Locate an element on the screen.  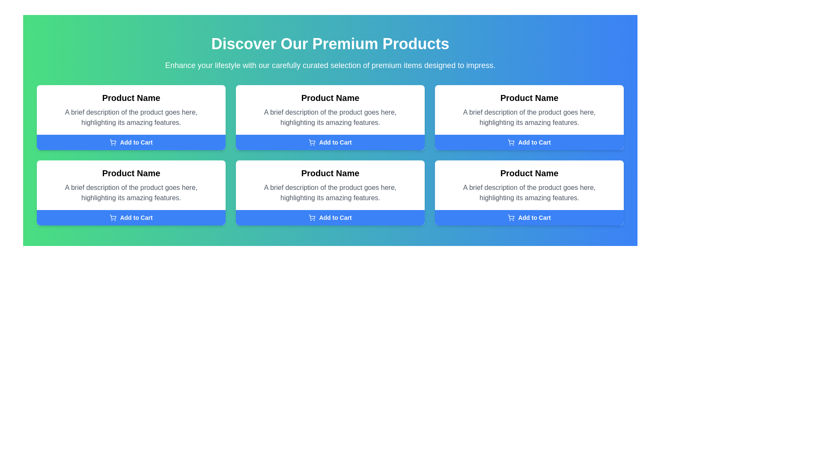
the Text Block that contains the title 'Product Name' and a brief description, positioned above the 'Add to Cart' button in the central left section of the grid layout is located at coordinates (131, 184).